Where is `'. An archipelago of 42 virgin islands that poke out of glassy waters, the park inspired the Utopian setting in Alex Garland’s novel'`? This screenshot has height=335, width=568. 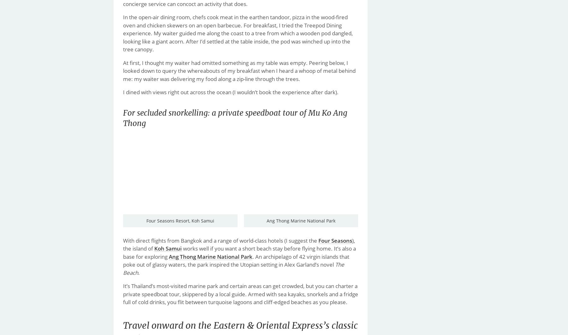
'. An archipelago of 42 virgin islands that poke out of glassy waters, the park inspired the Utopian setting in Alex Garland’s novel' is located at coordinates (236, 260).